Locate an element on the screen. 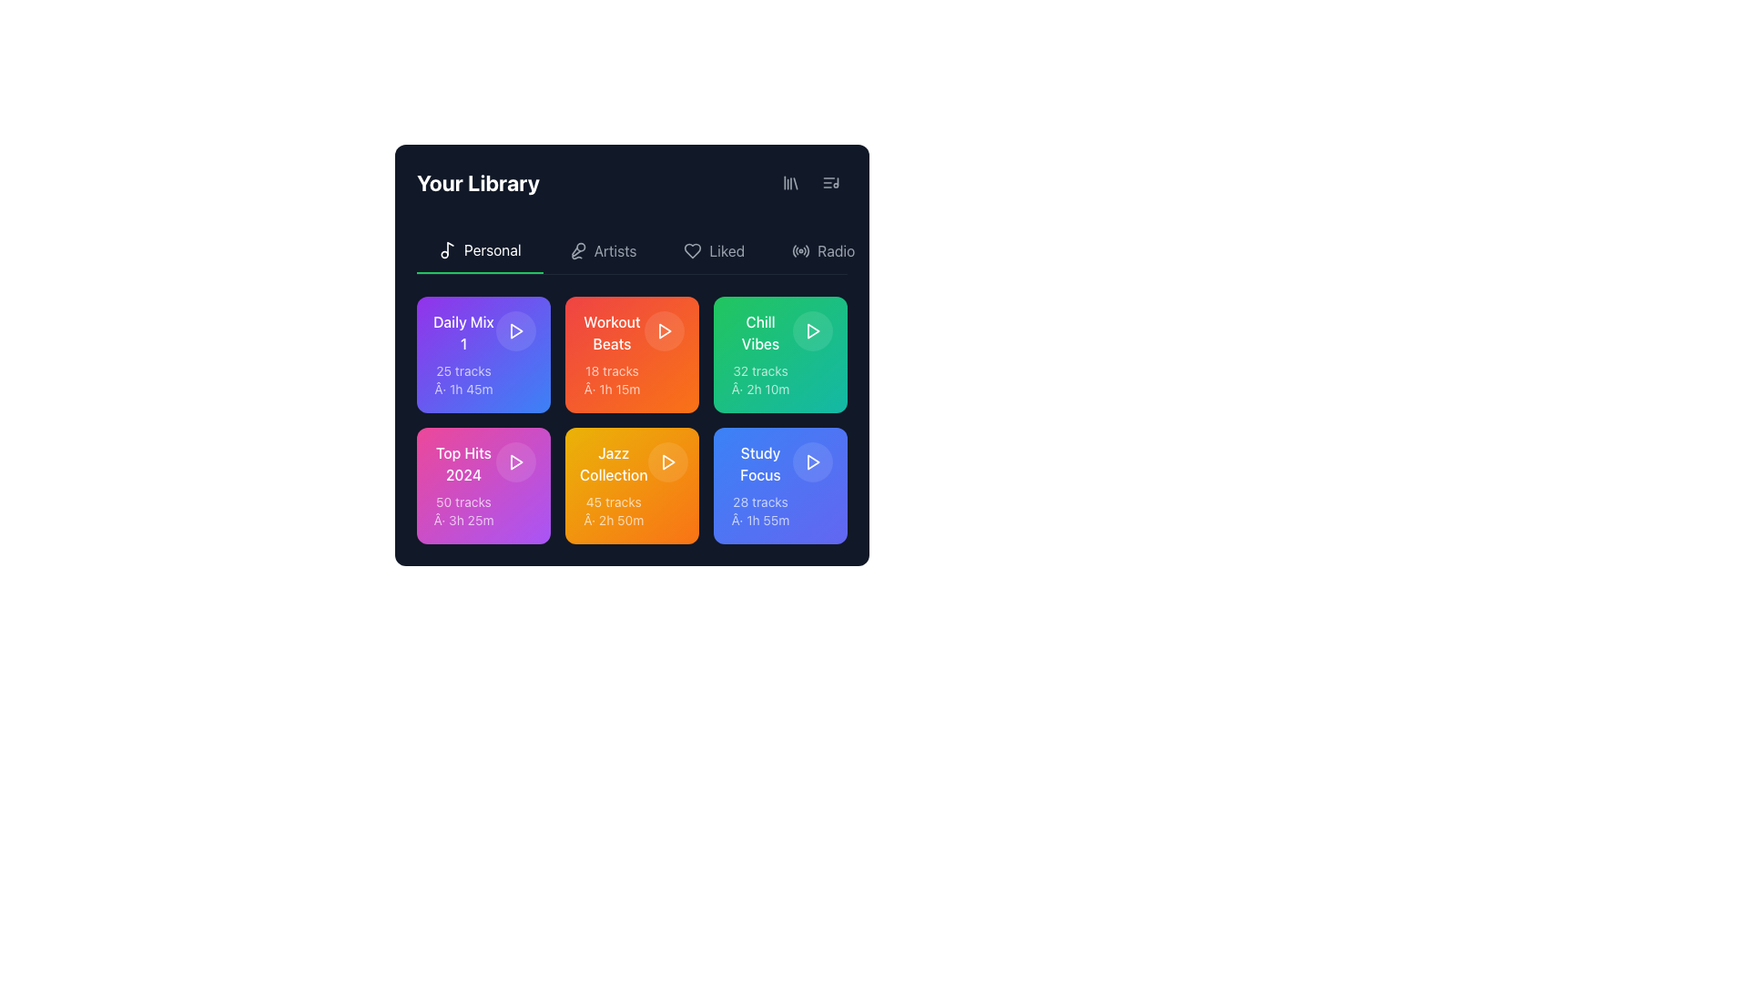  the 'Daily Mix 1' text label located in the first column of the grid at the top row within the 'Your Library' section is located at coordinates (463, 333).